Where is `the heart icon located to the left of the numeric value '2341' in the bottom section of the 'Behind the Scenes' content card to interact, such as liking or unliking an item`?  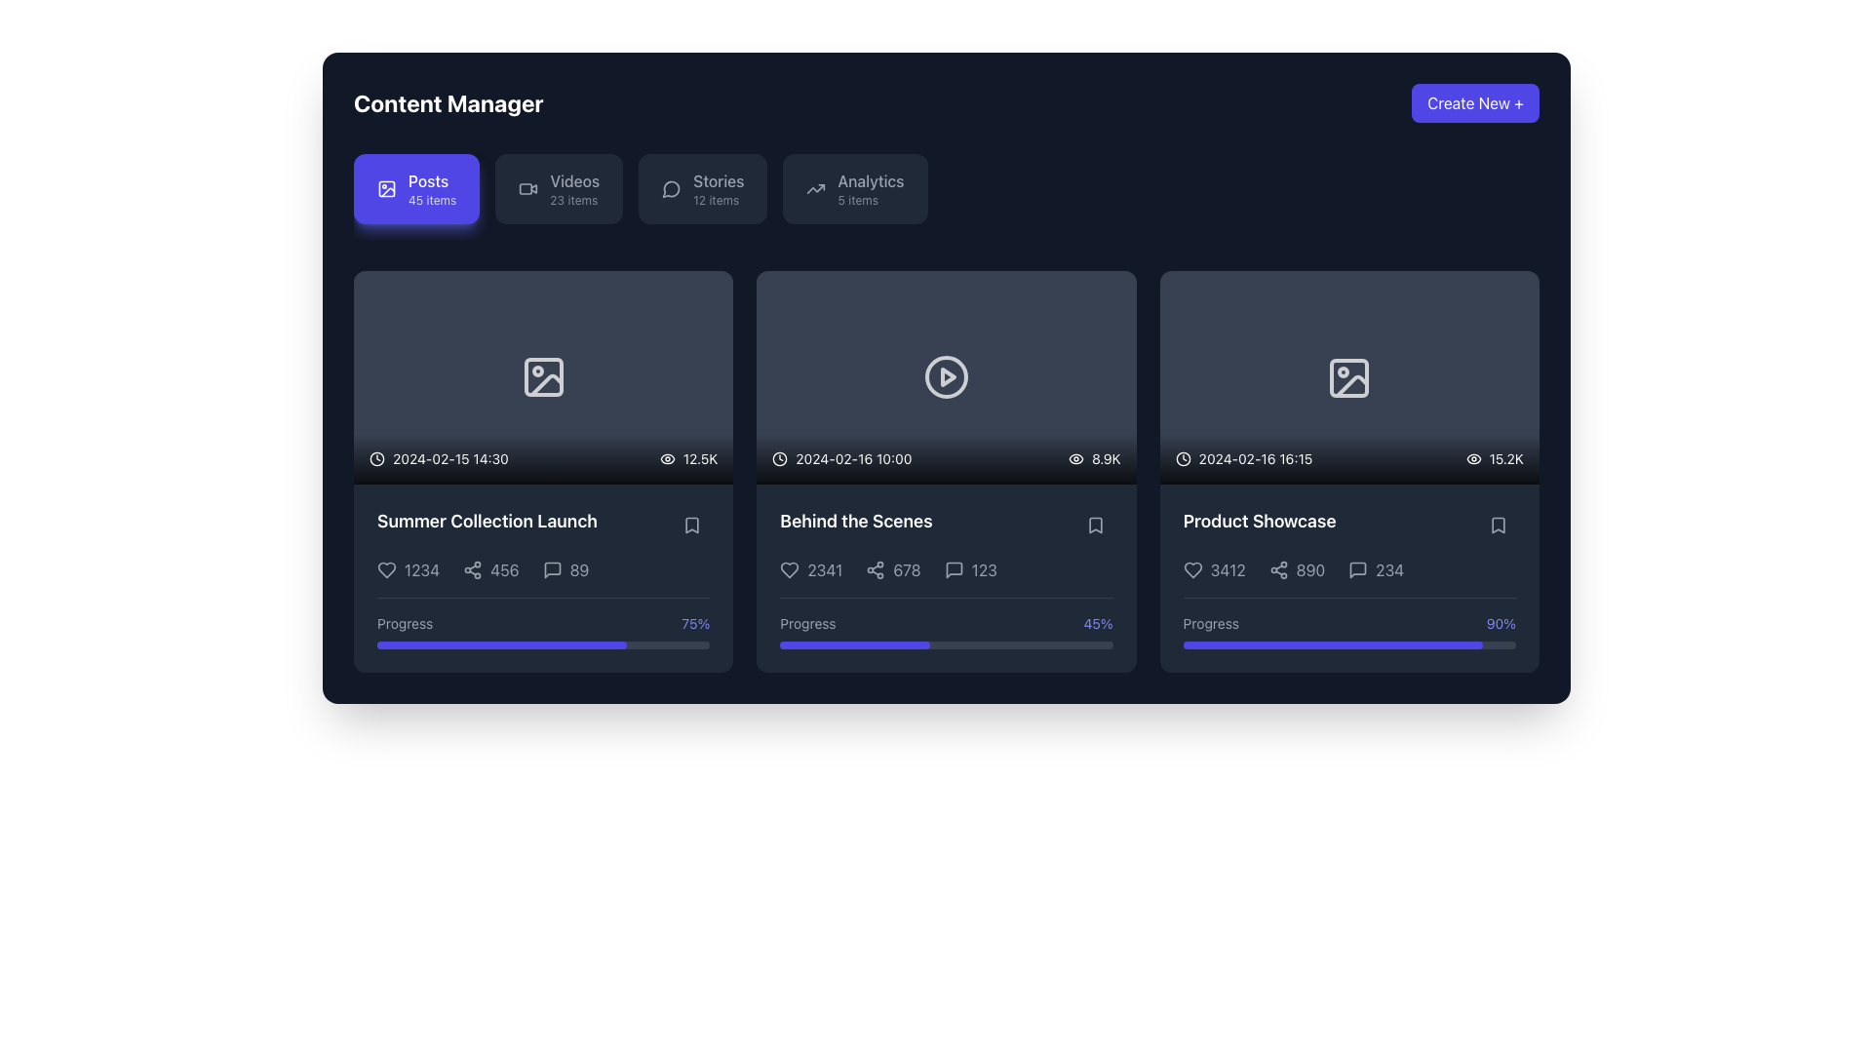
the heart icon located to the left of the numeric value '2341' in the bottom section of the 'Behind the Scenes' content card to interact, such as liking or unliking an item is located at coordinates (790, 569).